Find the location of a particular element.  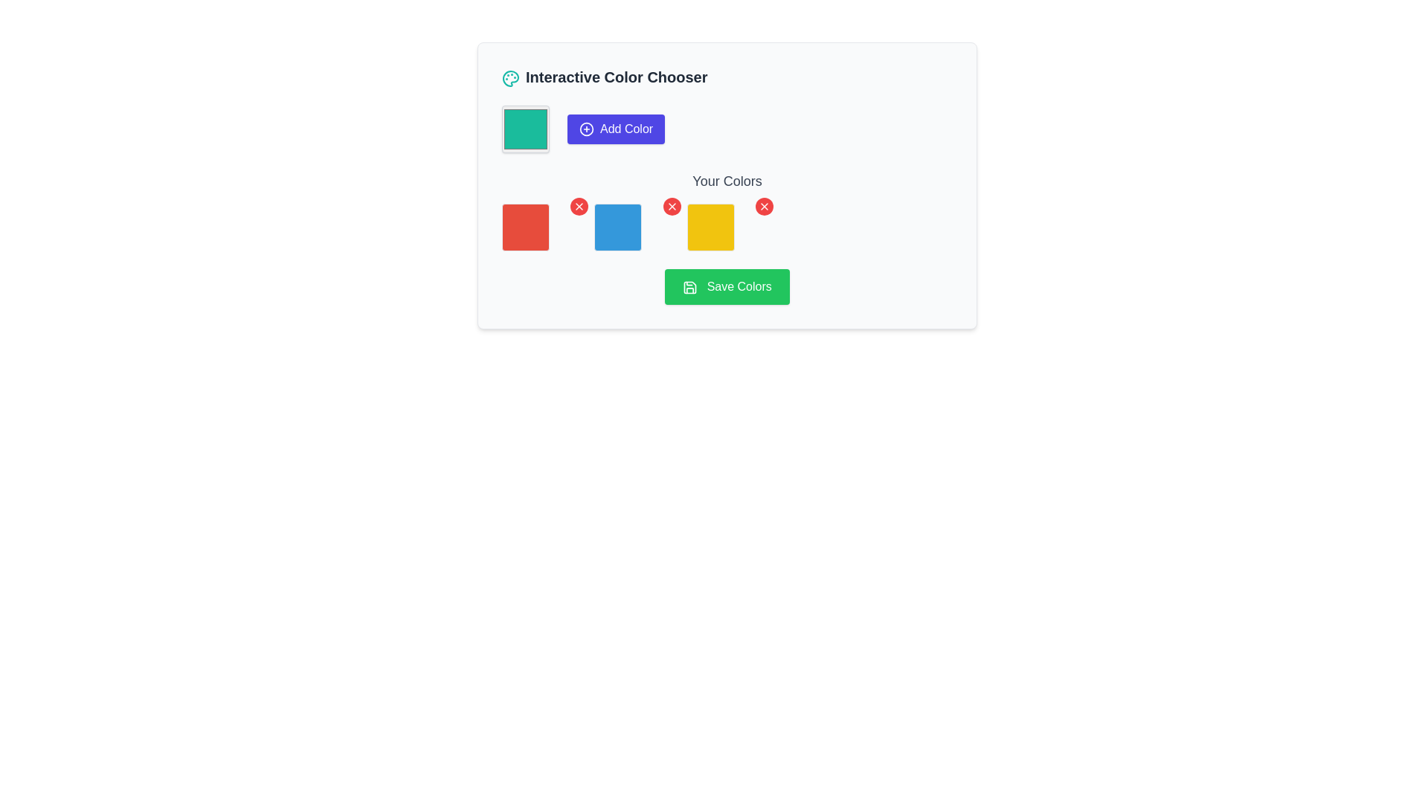

the green 'Save Colors' button with rounded corners and a save icon to observe its hover effect is located at coordinates (727, 286).